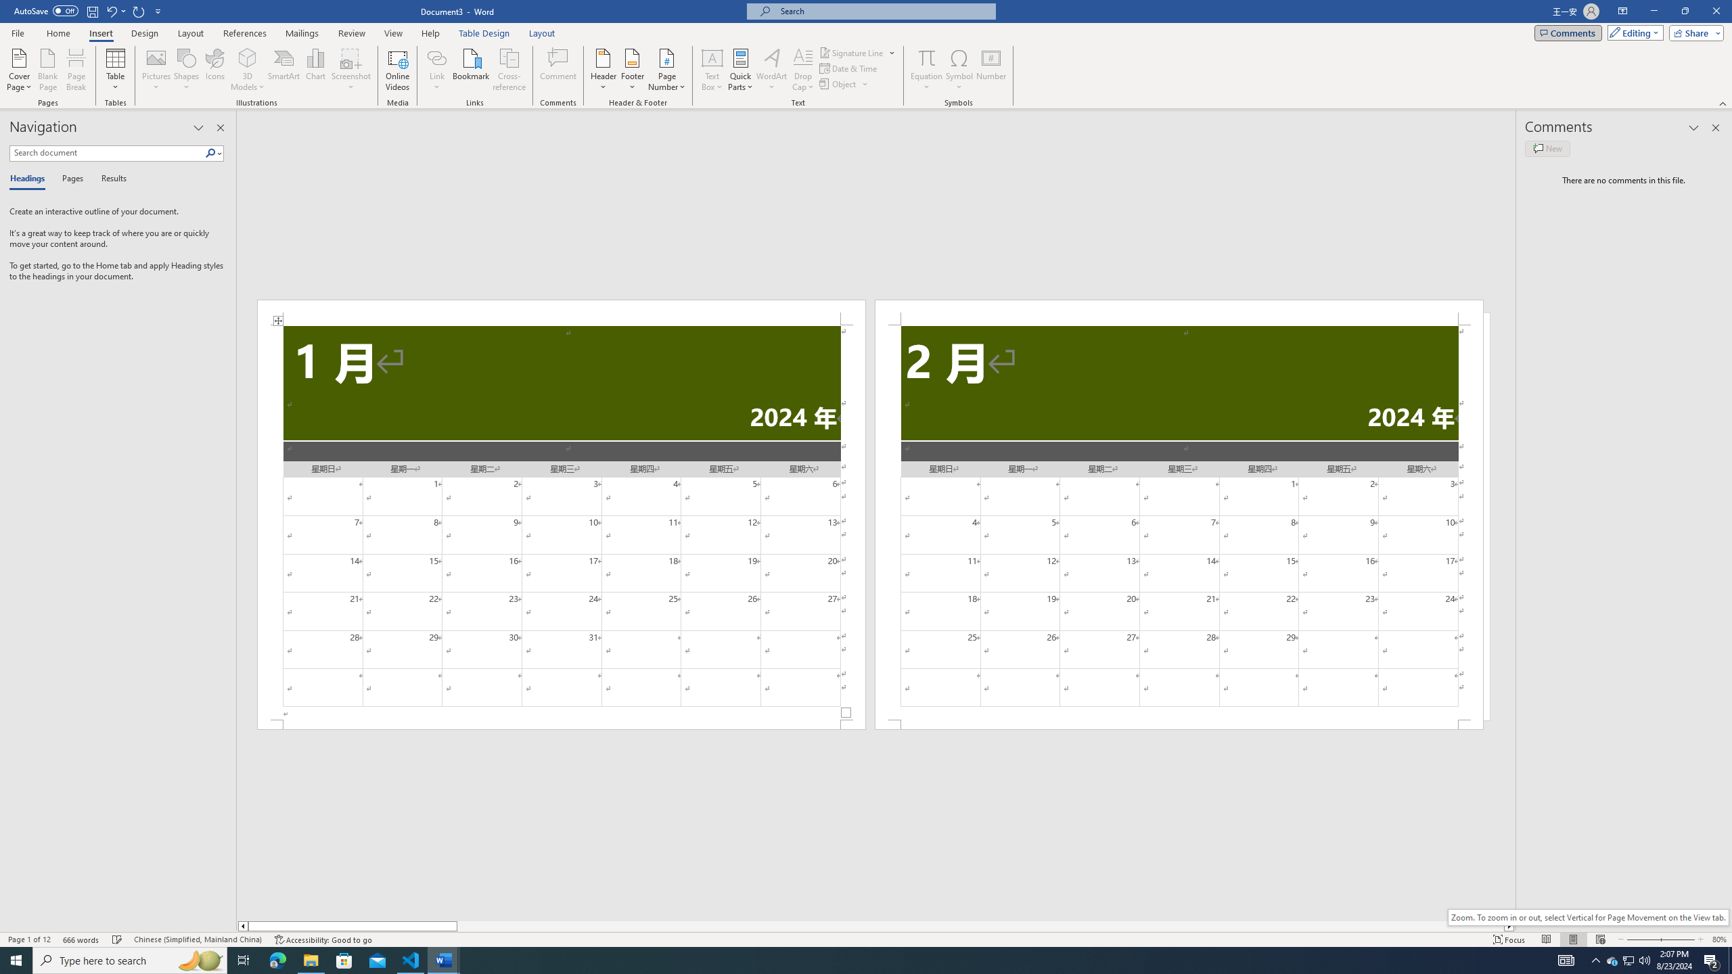  I want to click on 'Repeat Doc Close', so click(139, 10).